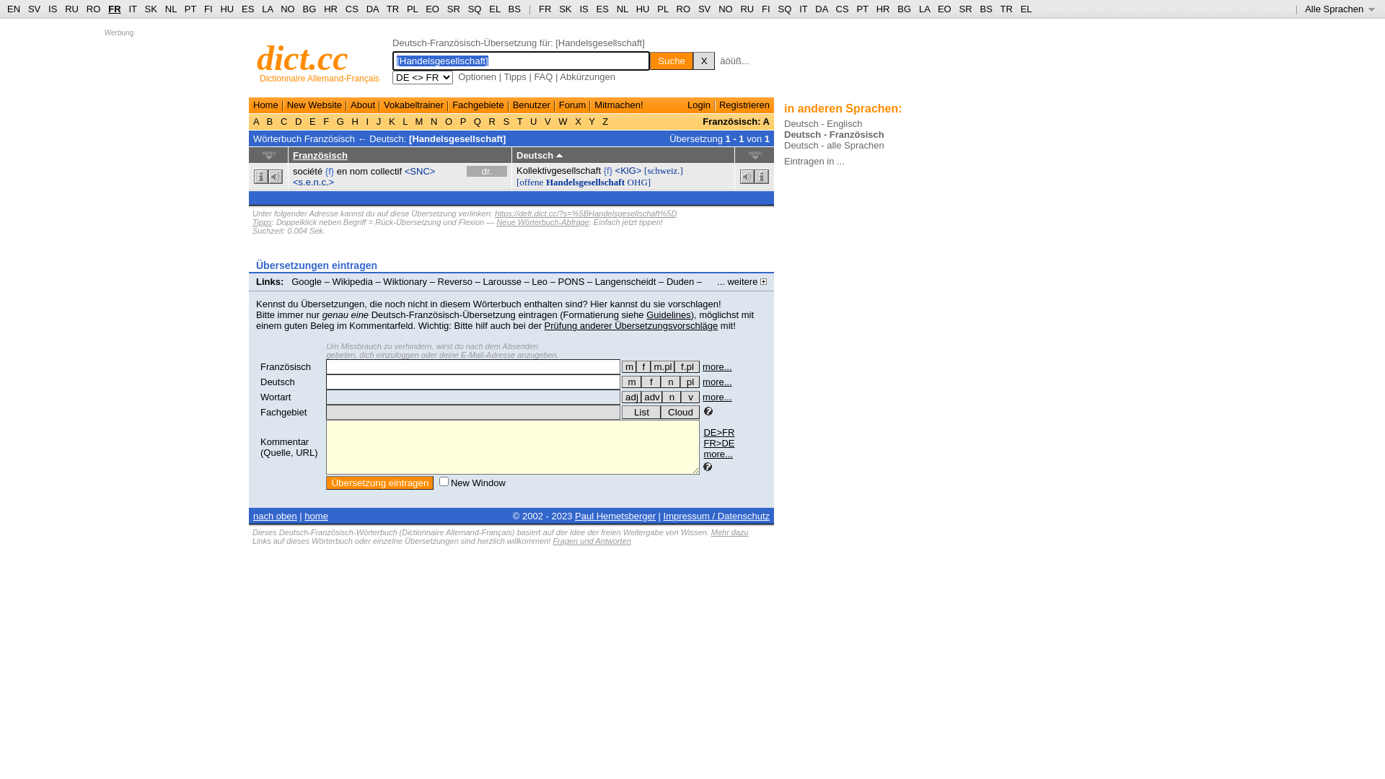 The width and height of the screenshot is (1385, 779). Describe the element at coordinates (252, 515) in the screenshot. I see `'nach oben'` at that location.